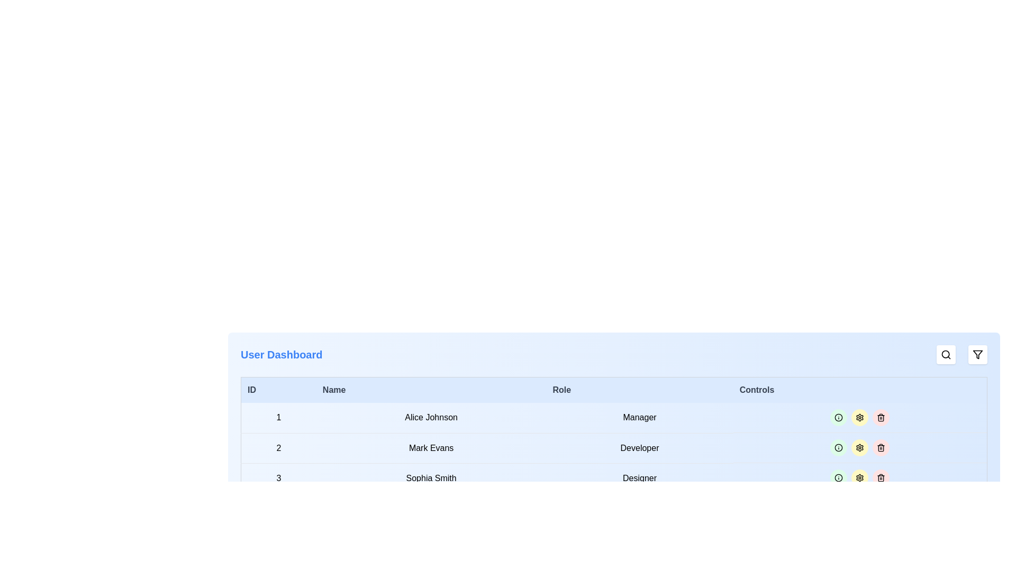 Image resolution: width=1016 pixels, height=571 pixels. Describe the element at coordinates (639, 448) in the screenshot. I see `the Static Text element displaying the role of user 'Mark Evans' in the 'Role' column of the second row of the table` at that location.